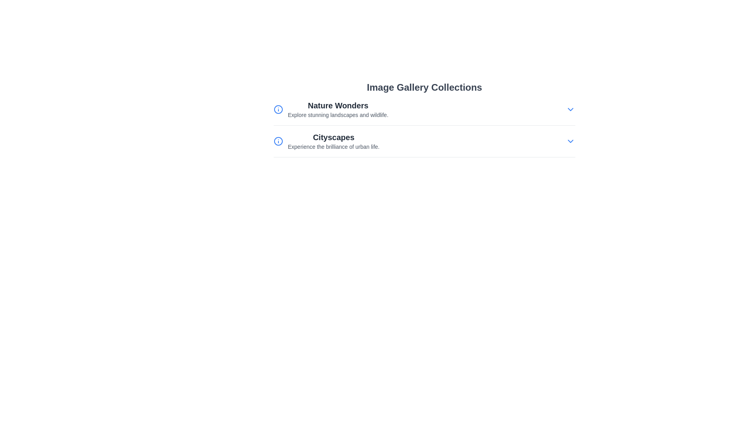  Describe the element at coordinates (571, 141) in the screenshot. I see `the downward-pointing chevron icon styled in blue at the far right end of the 'Cityscapes' row` at that location.